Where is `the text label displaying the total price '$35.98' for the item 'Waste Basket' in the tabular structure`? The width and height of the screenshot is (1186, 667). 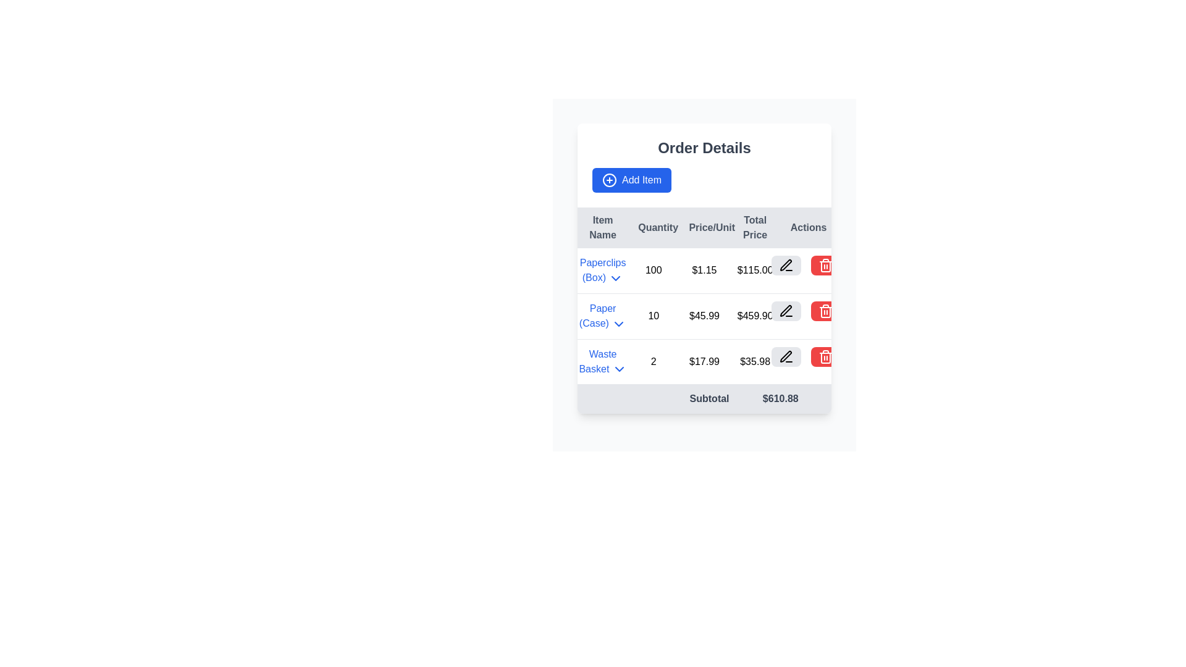 the text label displaying the total price '$35.98' for the item 'Waste Basket' in the tabular structure is located at coordinates (754, 361).